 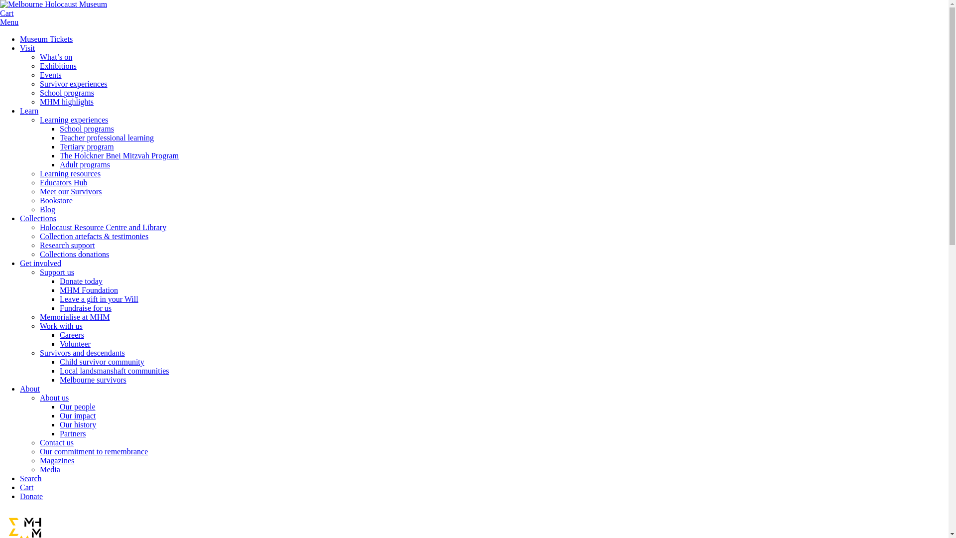 I want to click on 'Media', so click(x=49, y=469).